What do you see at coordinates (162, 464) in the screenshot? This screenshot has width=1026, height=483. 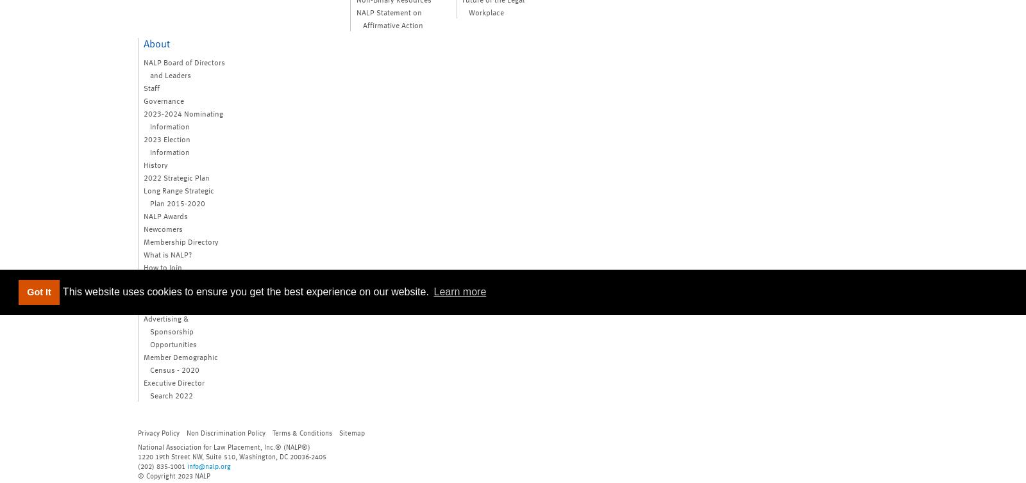 I see `'(202) 835-1001'` at bounding box center [162, 464].